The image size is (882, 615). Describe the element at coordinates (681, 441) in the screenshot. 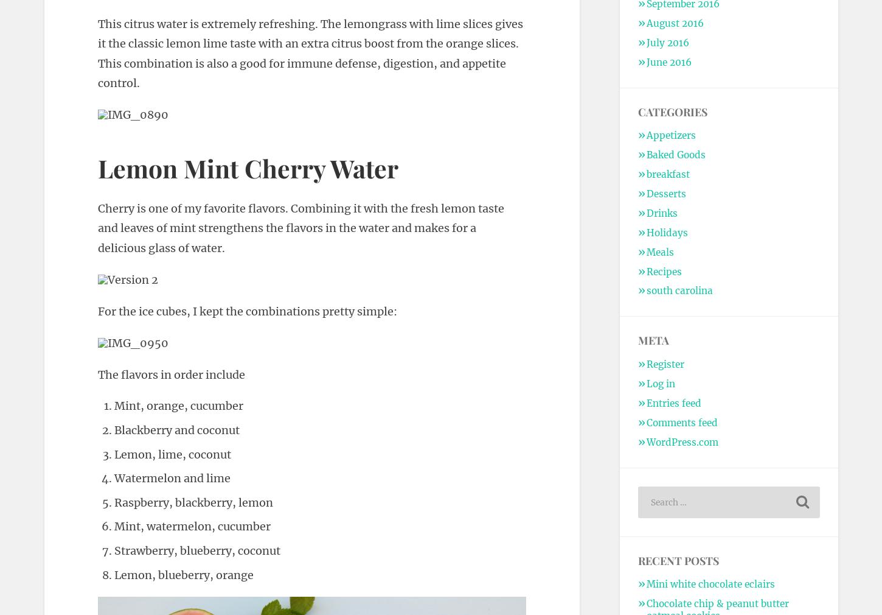

I see `'WordPress.com'` at that location.